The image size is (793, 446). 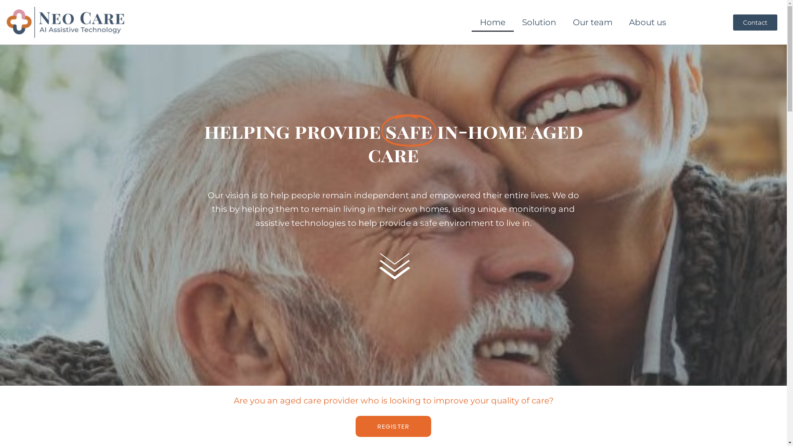 What do you see at coordinates (493, 22) in the screenshot?
I see `'Home'` at bounding box center [493, 22].